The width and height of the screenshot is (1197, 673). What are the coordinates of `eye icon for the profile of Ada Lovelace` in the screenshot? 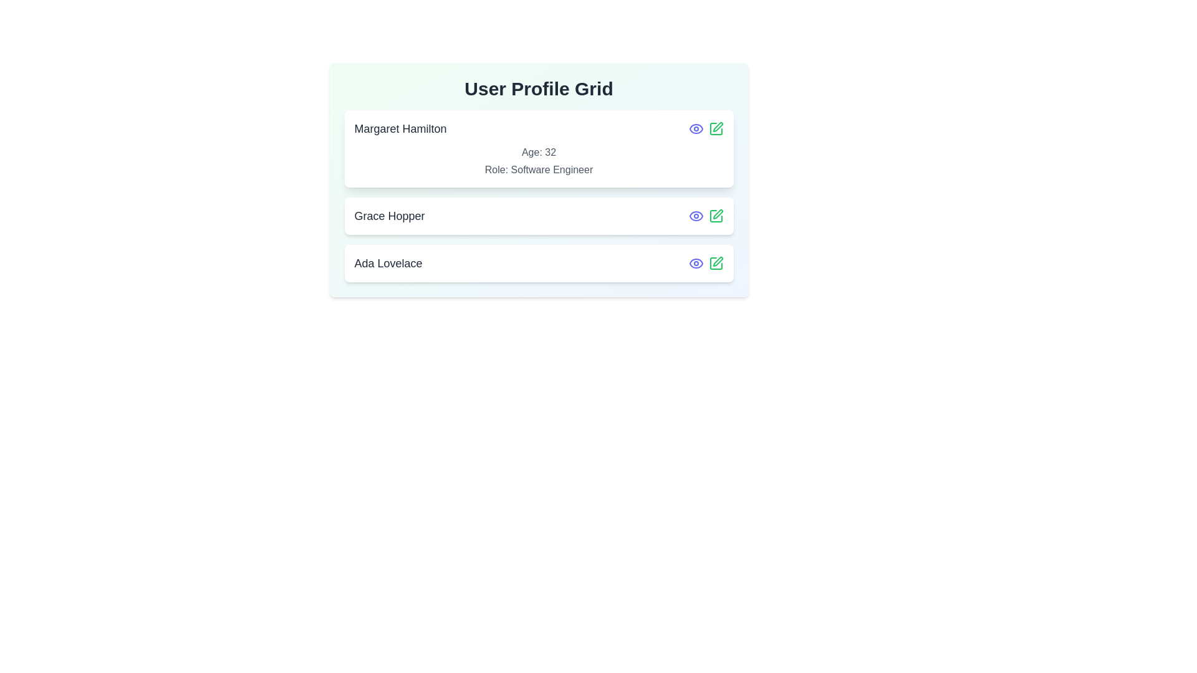 It's located at (695, 263).